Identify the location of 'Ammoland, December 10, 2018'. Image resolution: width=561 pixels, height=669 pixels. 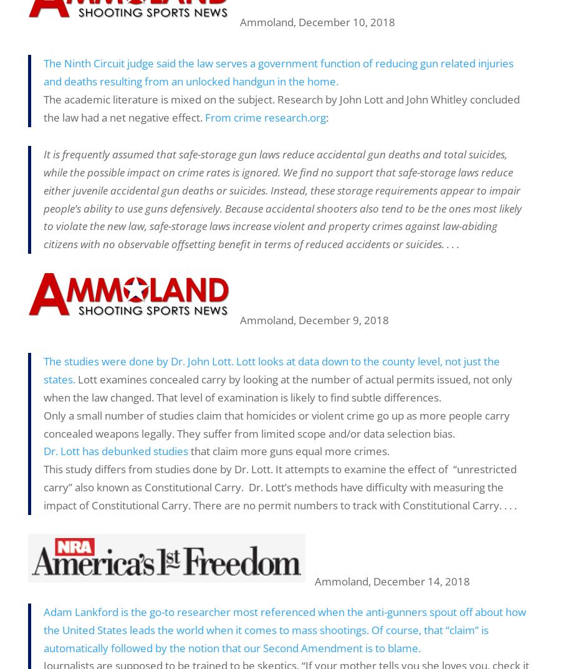
(317, 21).